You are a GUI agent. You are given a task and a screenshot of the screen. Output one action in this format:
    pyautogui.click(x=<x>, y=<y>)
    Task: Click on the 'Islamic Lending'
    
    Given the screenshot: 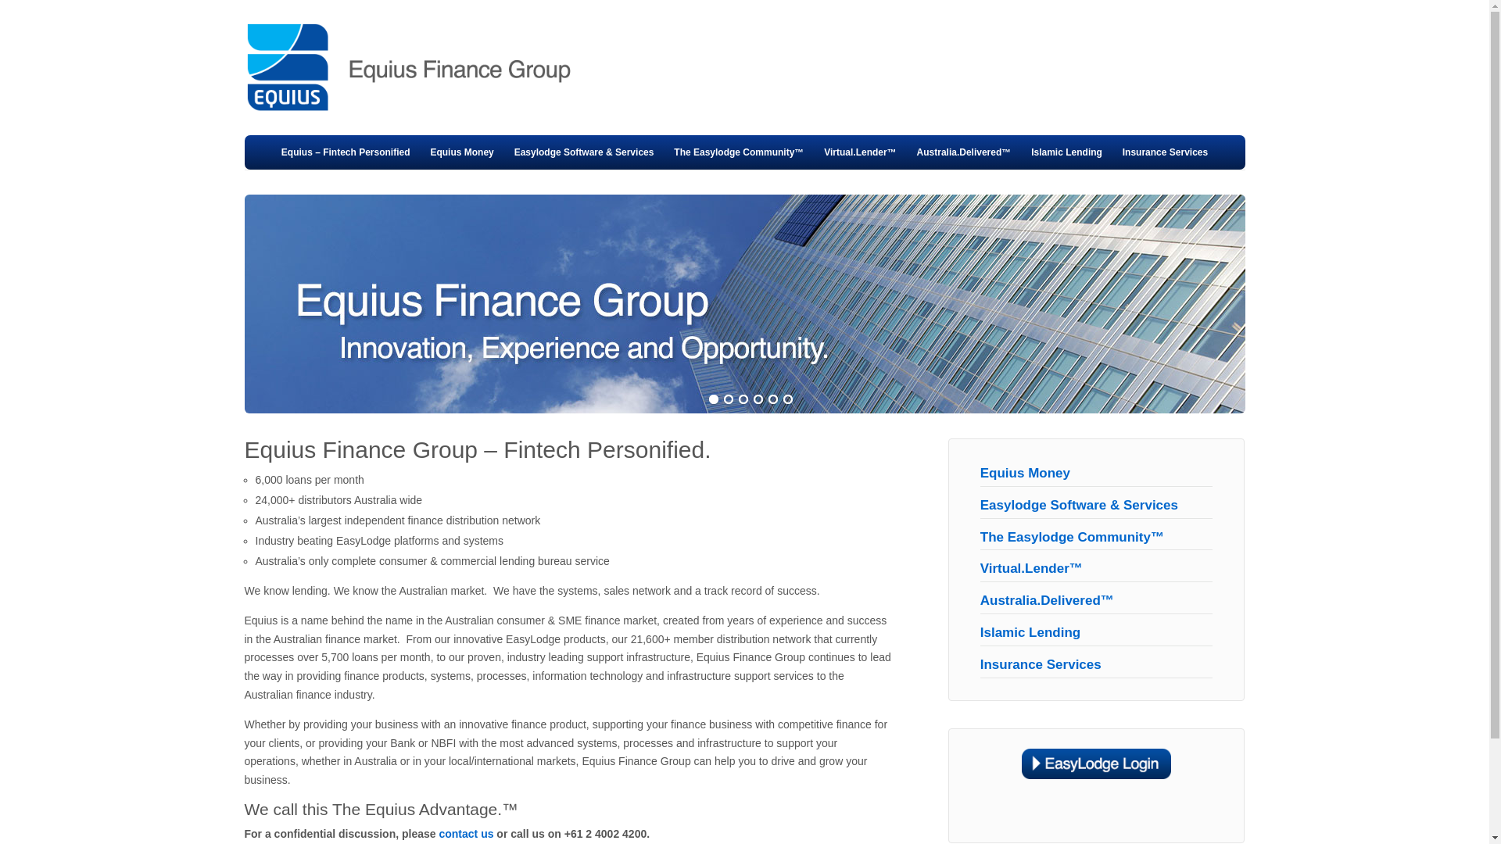 What is the action you would take?
    pyautogui.click(x=1066, y=152)
    